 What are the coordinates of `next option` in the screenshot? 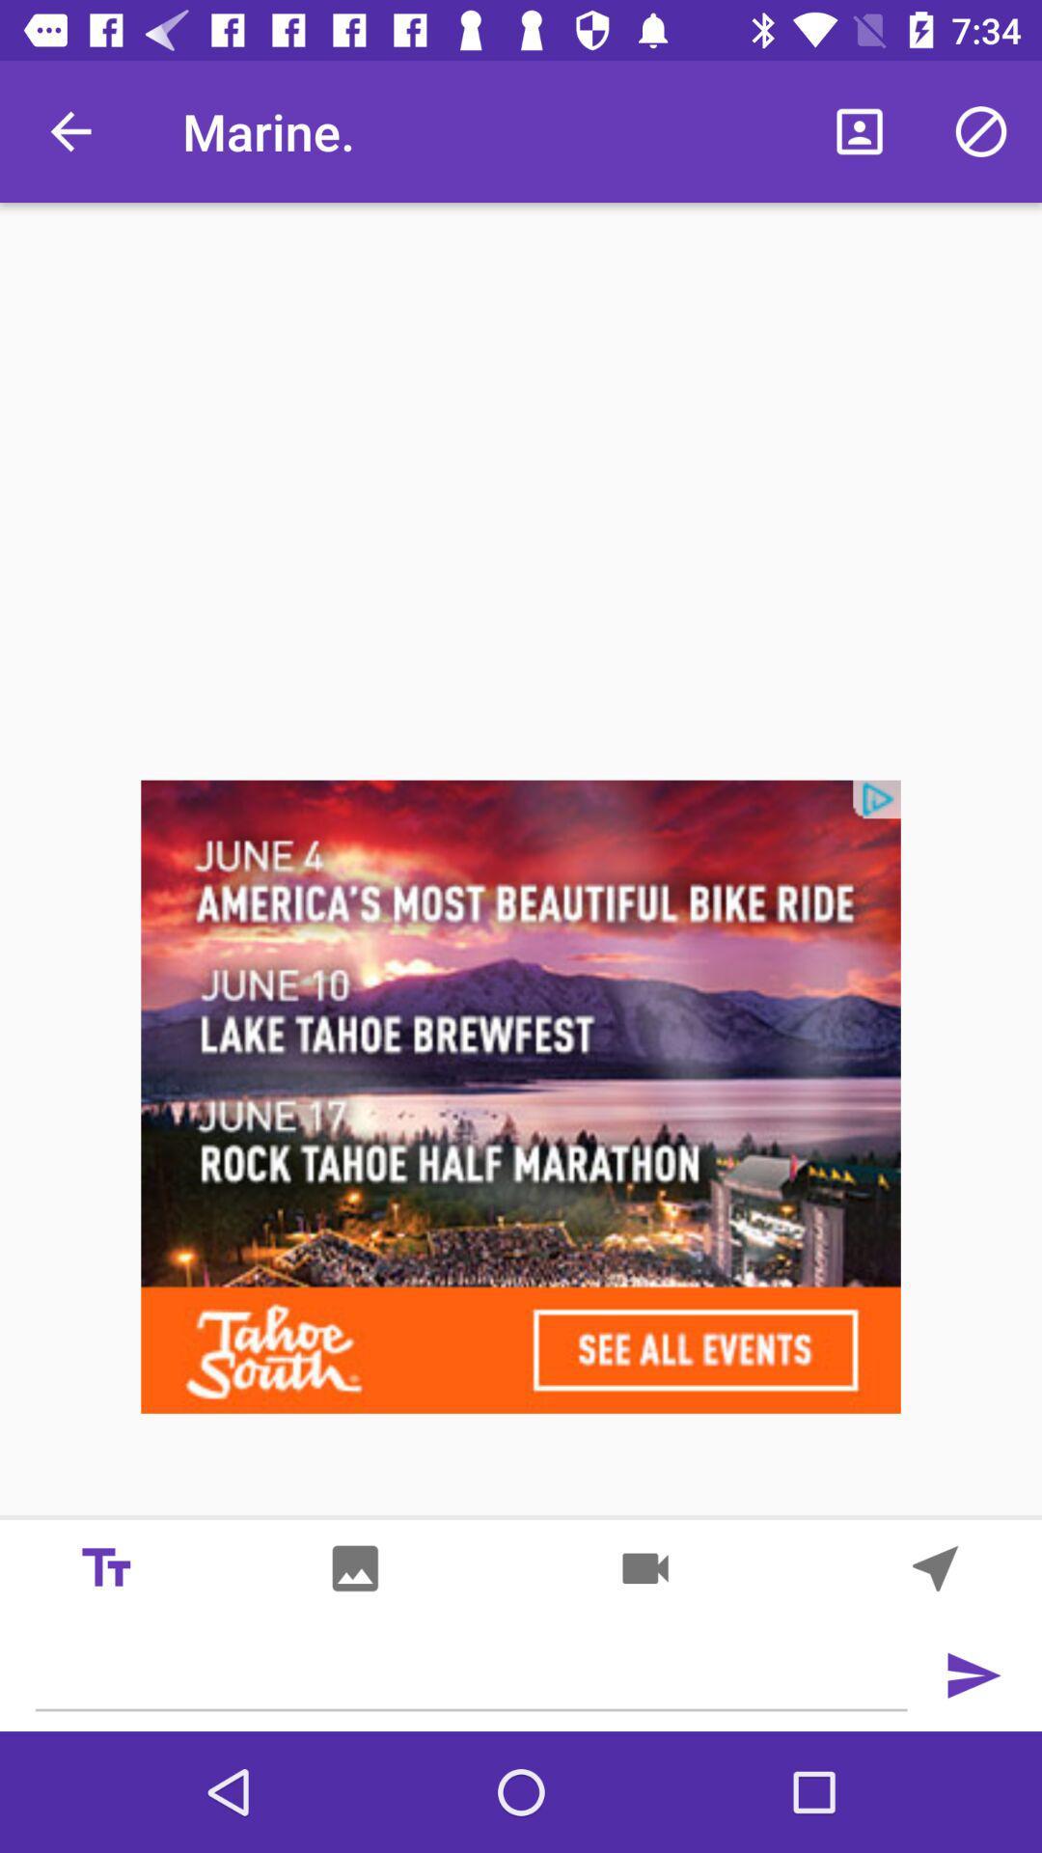 It's located at (973, 1674).